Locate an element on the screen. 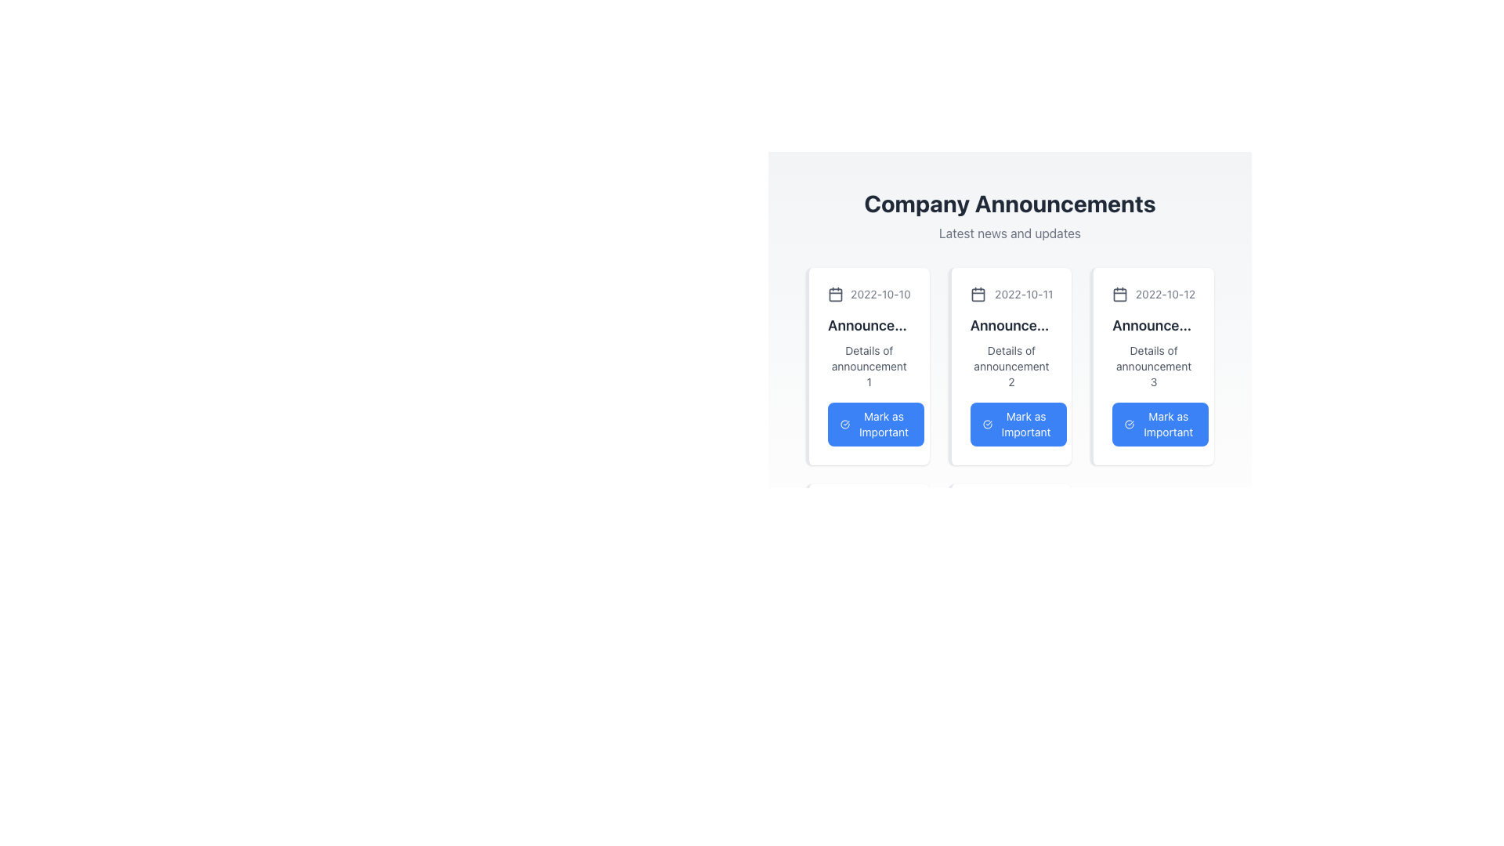 This screenshot has width=1504, height=846. the styled card component that presents an announcement, located in the first position of the grid layout is located at coordinates (866, 366).